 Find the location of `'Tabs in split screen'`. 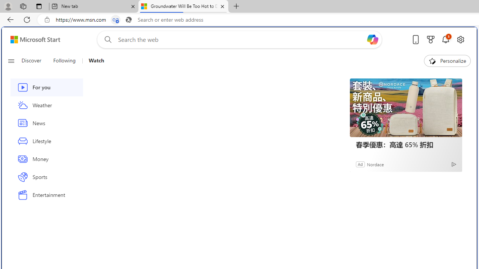

'Tabs in split screen' is located at coordinates (115, 19).